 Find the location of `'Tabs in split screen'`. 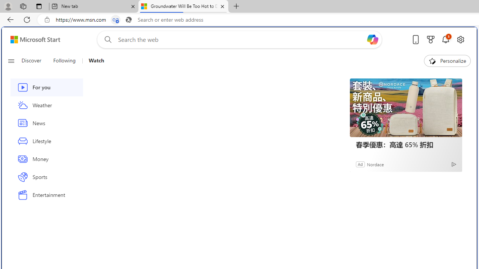

'Tabs in split screen' is located at coordinates (115, 19).